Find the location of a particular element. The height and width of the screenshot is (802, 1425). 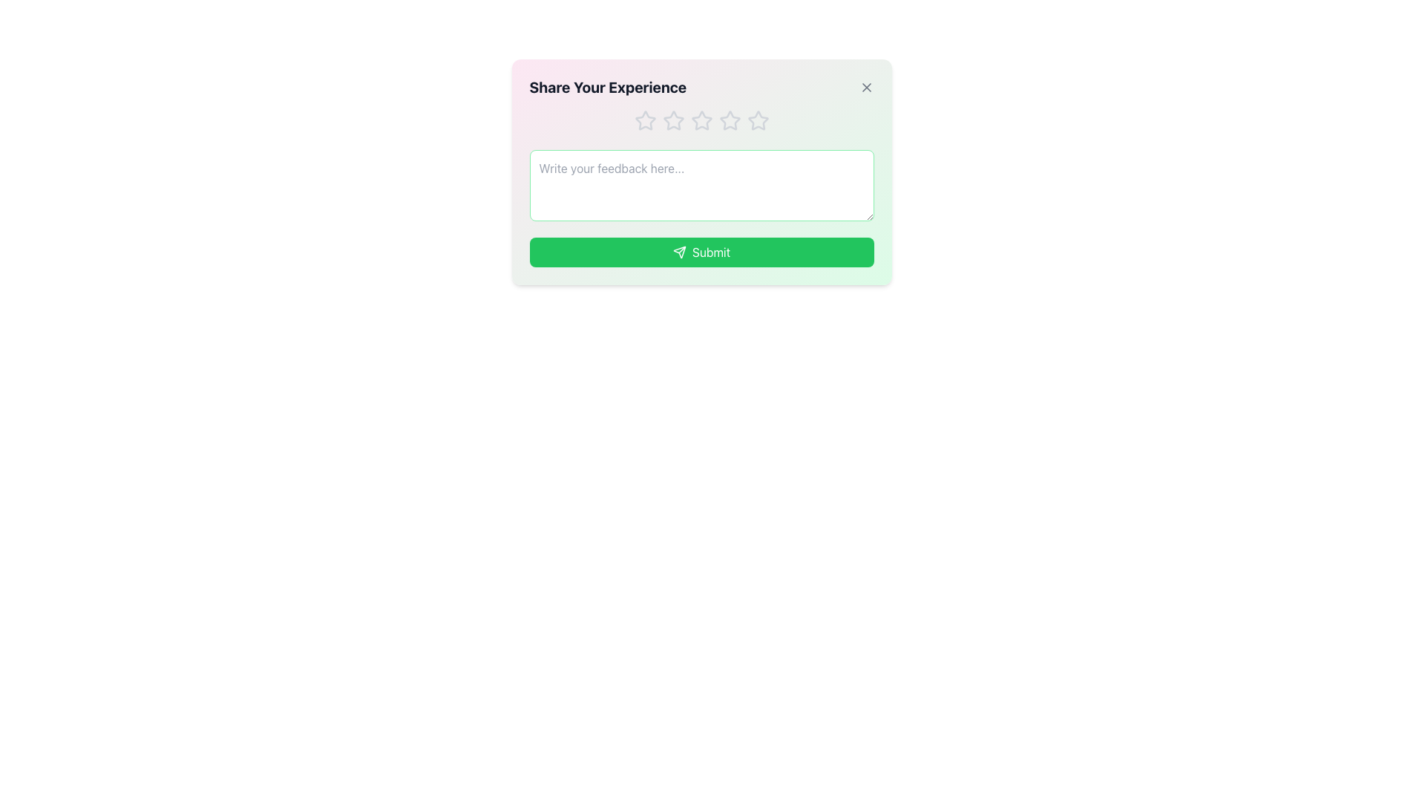

the third star-shaped rating icon in the feedback dialog is located at coordinates (701, 120).